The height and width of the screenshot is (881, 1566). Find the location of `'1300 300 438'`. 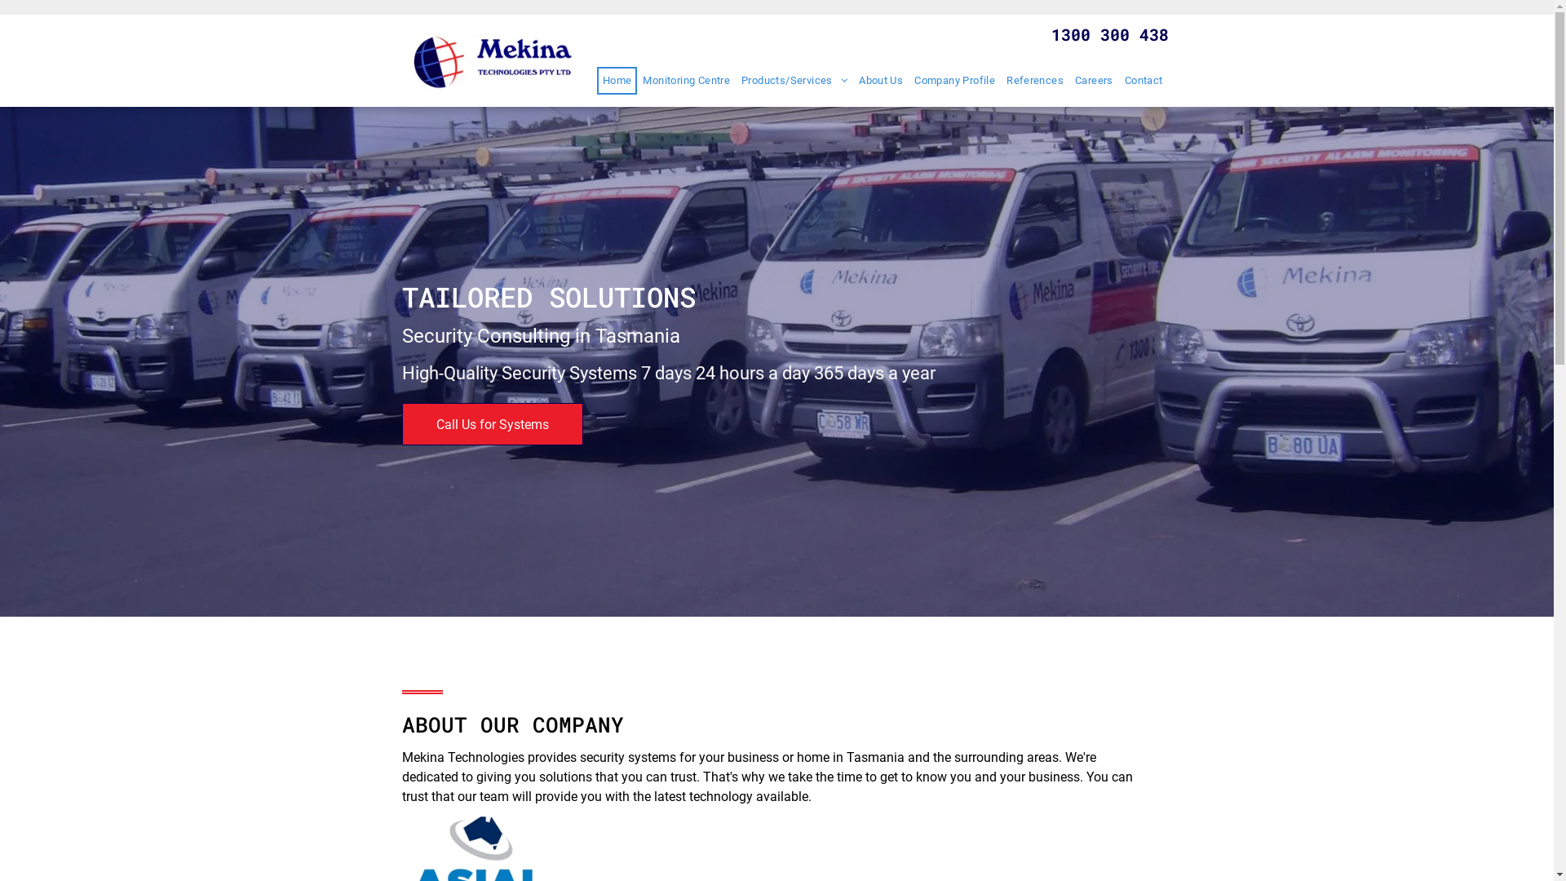

'1300 300 438' is located at coordinates (1108, 34).